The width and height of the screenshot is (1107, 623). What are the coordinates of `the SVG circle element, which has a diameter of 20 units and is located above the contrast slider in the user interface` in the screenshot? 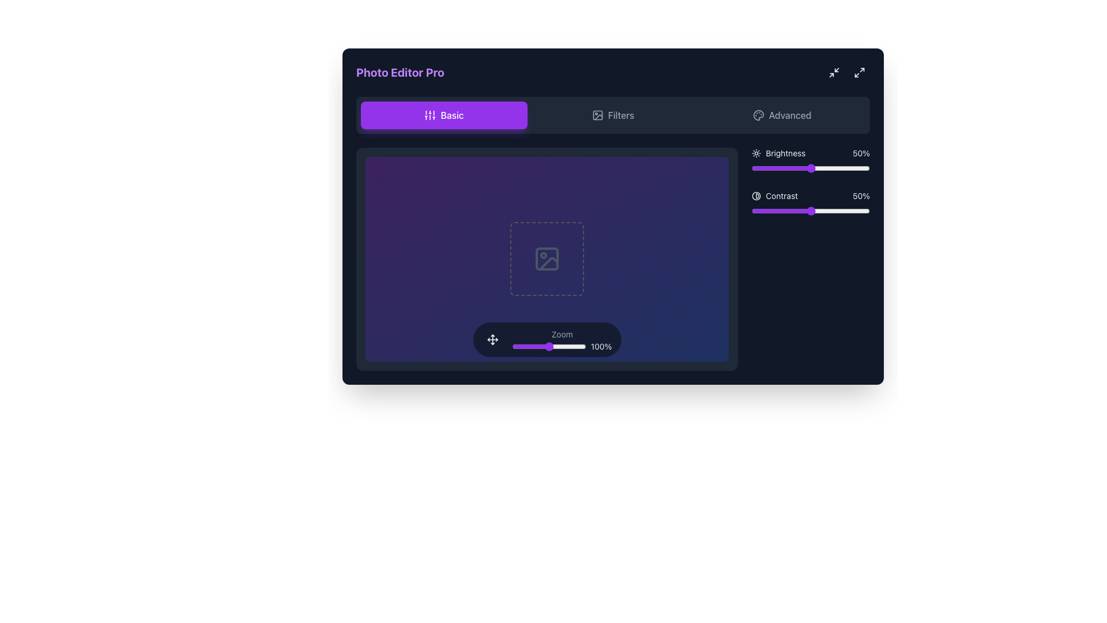 It's located at (756, 195).